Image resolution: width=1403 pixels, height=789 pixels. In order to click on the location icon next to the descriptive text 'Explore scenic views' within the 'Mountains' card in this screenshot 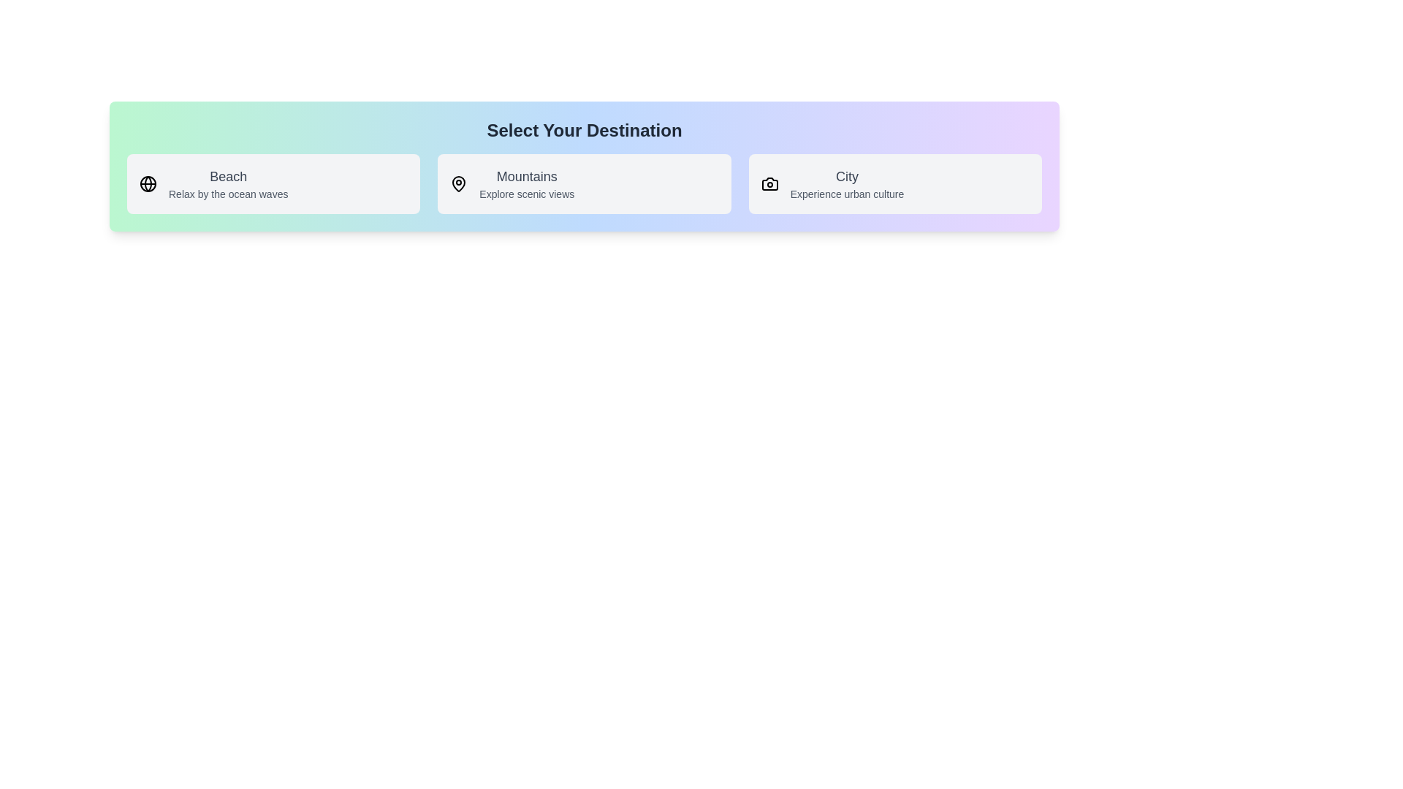, I will do `click(458, 183)`.